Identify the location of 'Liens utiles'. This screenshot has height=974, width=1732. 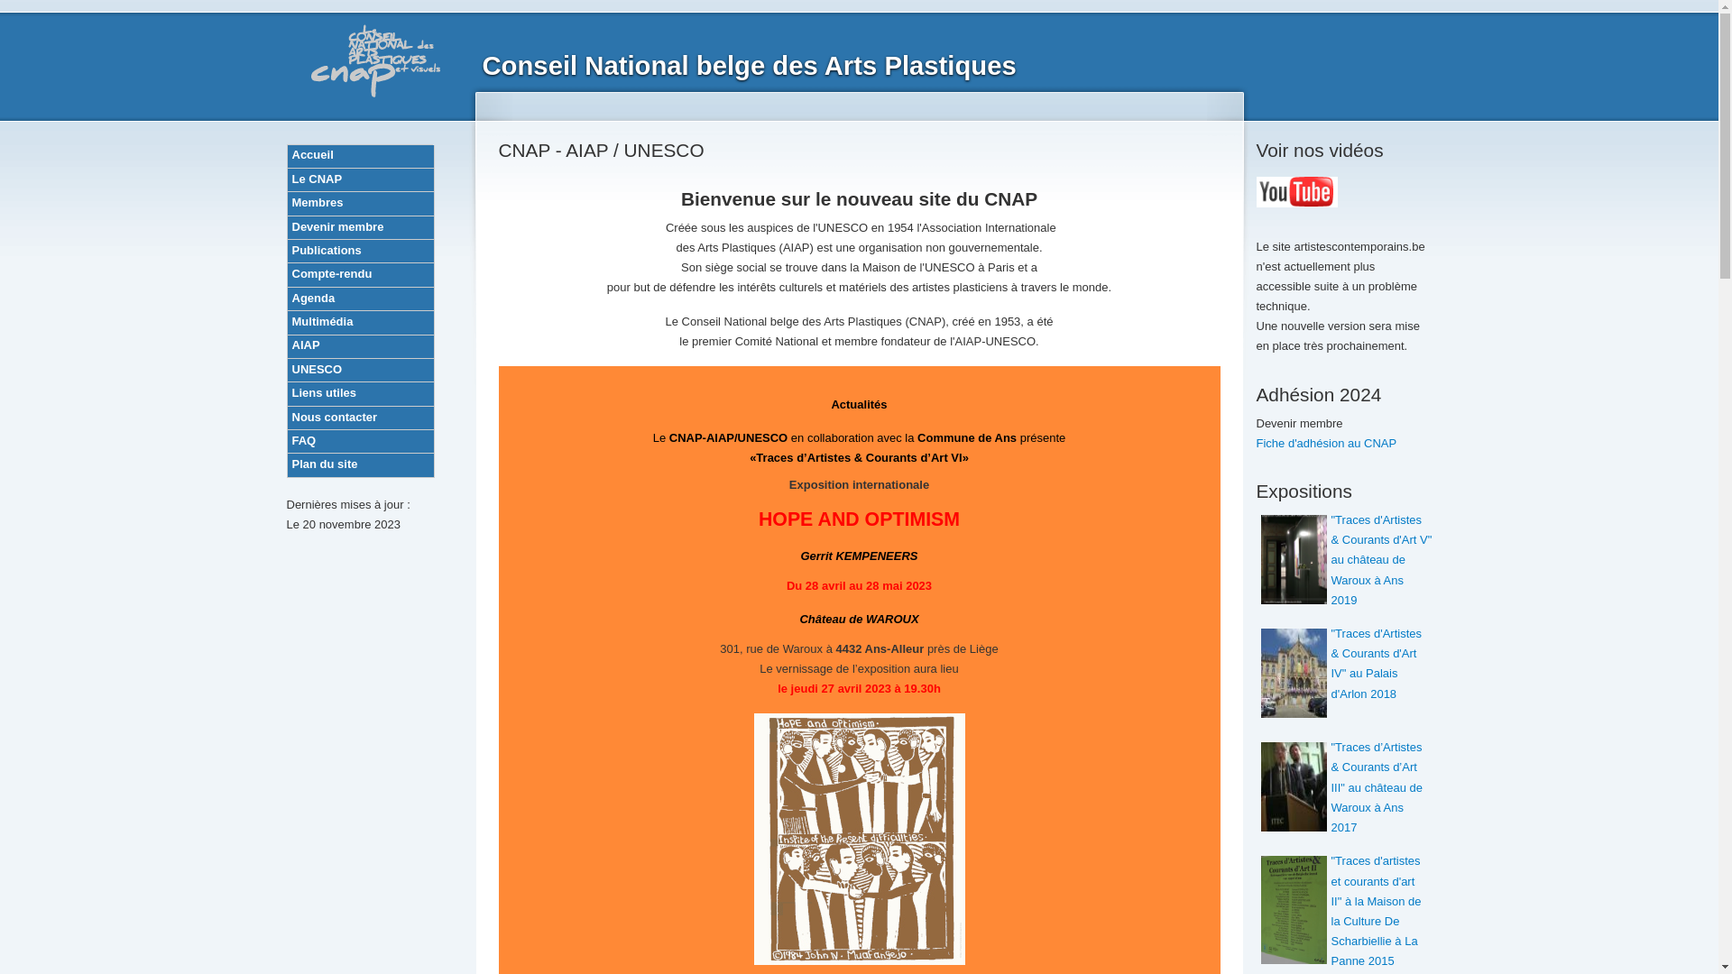
(360, 391).